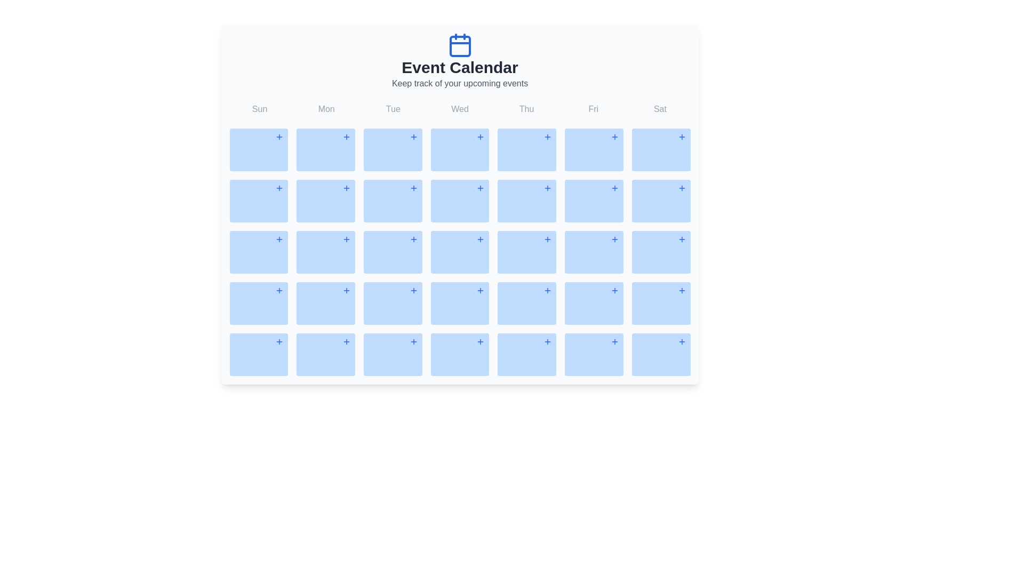 This screenshot has height=576, width=1024. Describe the element at coordinates (346, 188) in the screenshot. I see `the blue plus icon button located in the top-right corner of the calendar cell under the Monday column in the second row` at that location.